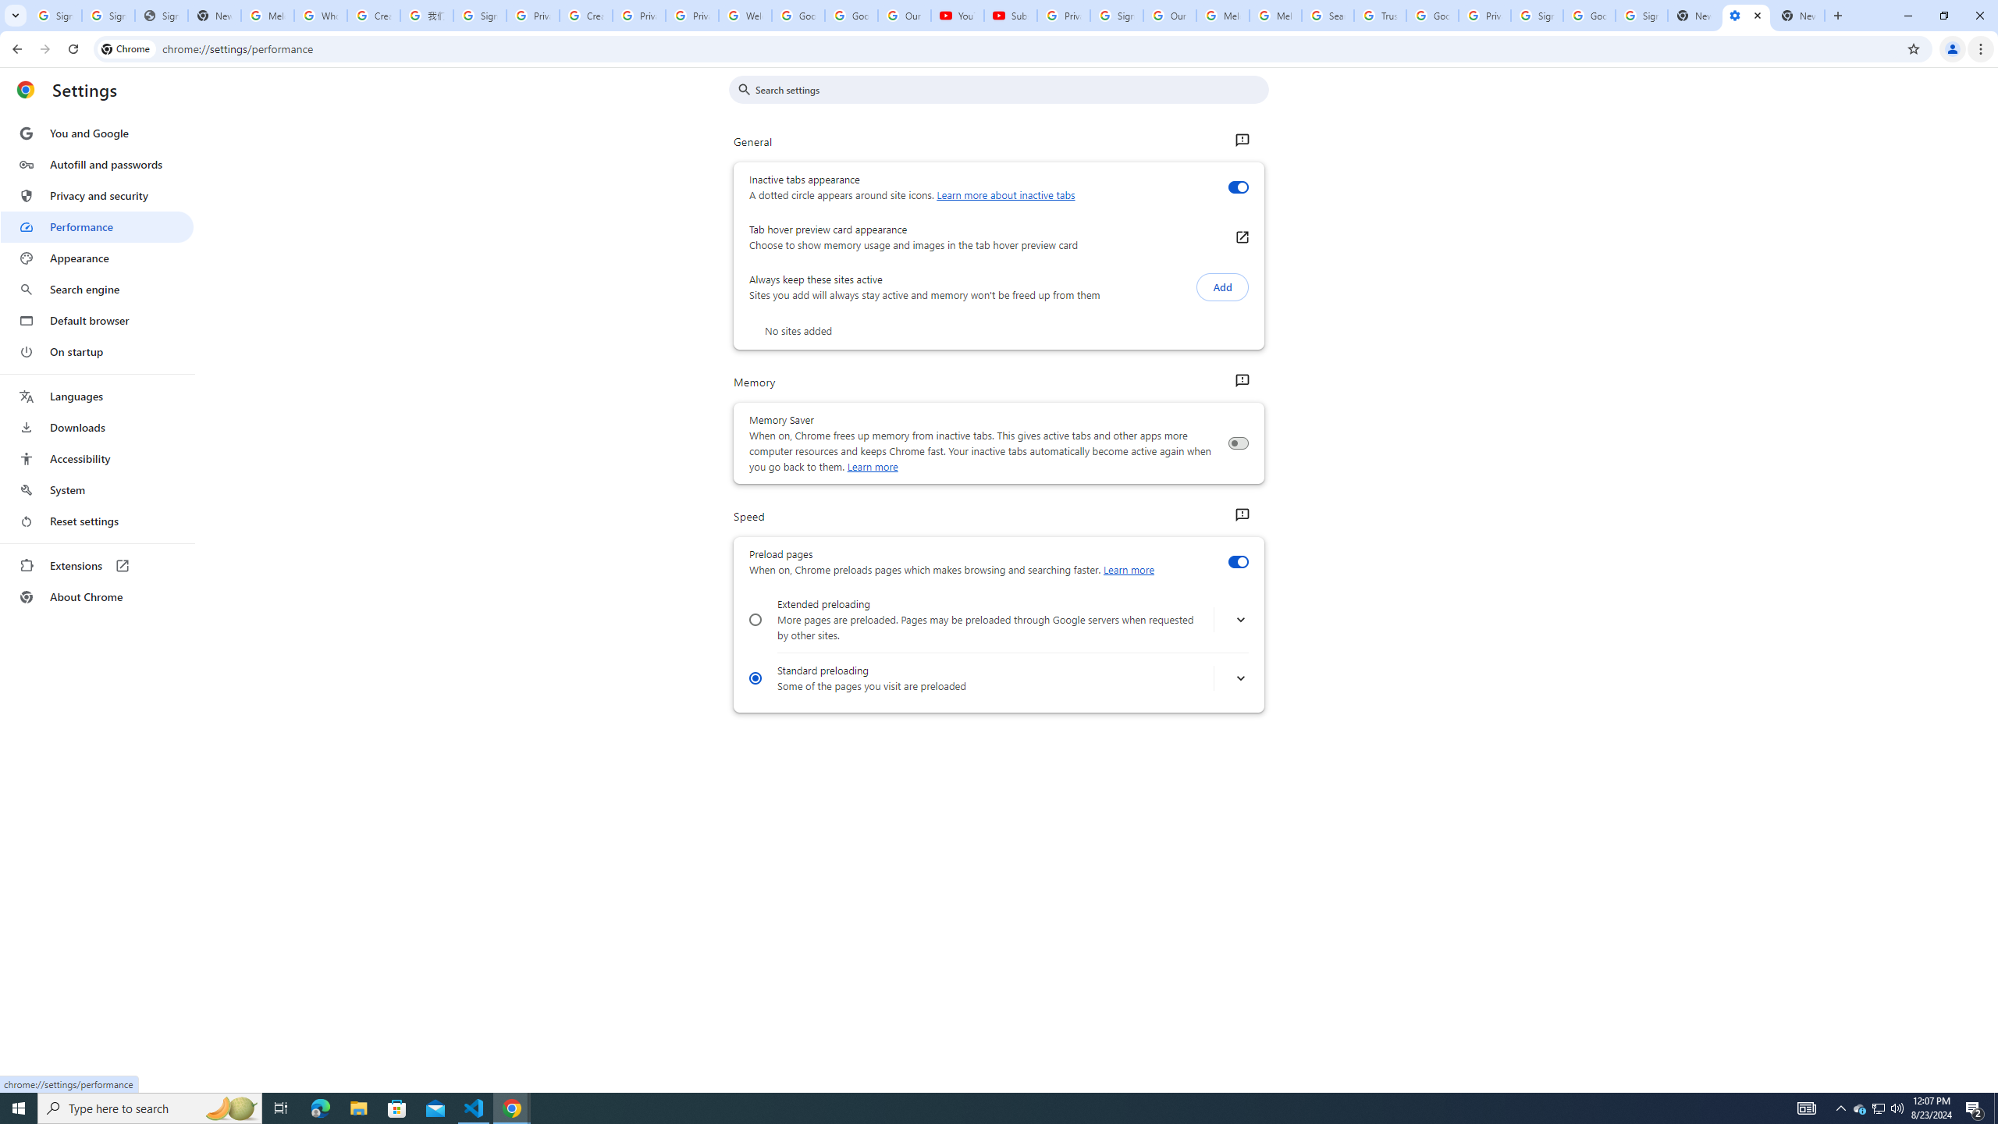 This screenshot has width=1998, height=1124. I want to click on 'About Chrome', so click(96, 596).